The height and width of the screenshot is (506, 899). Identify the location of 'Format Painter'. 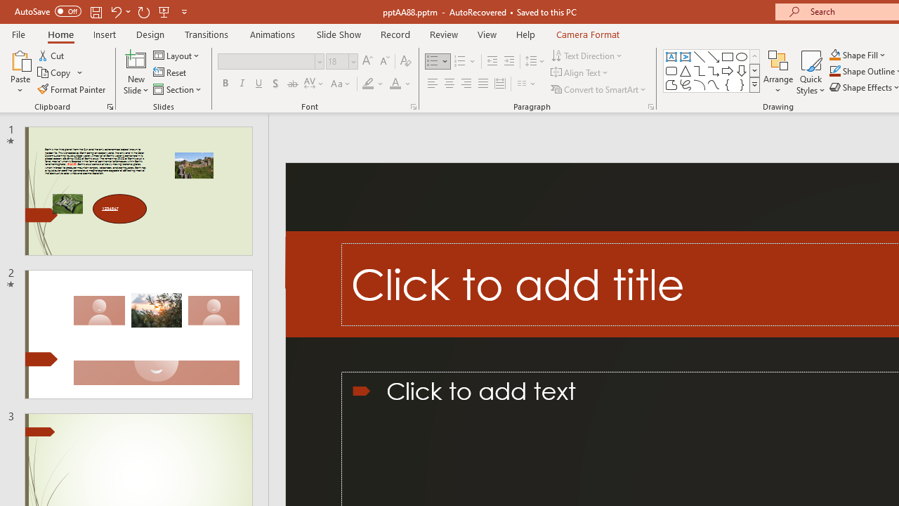
(72, 89).